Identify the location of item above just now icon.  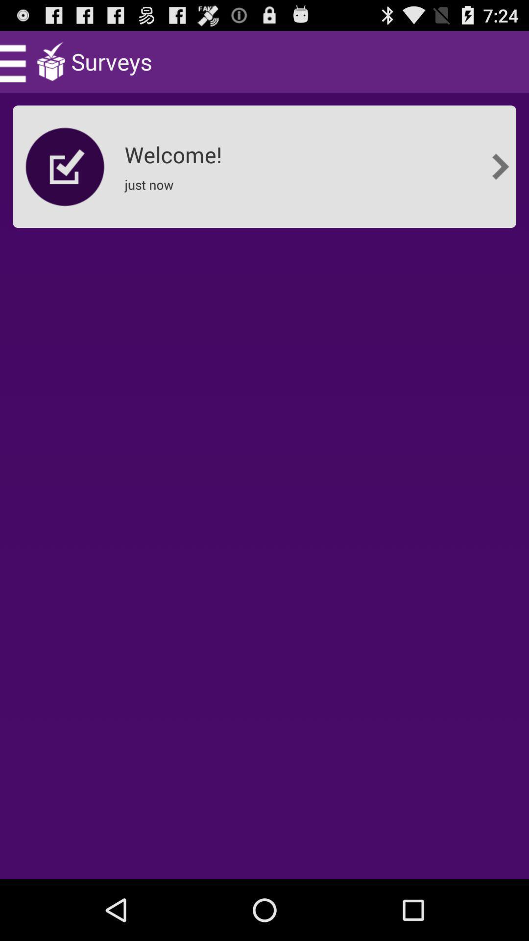
(175, 151).